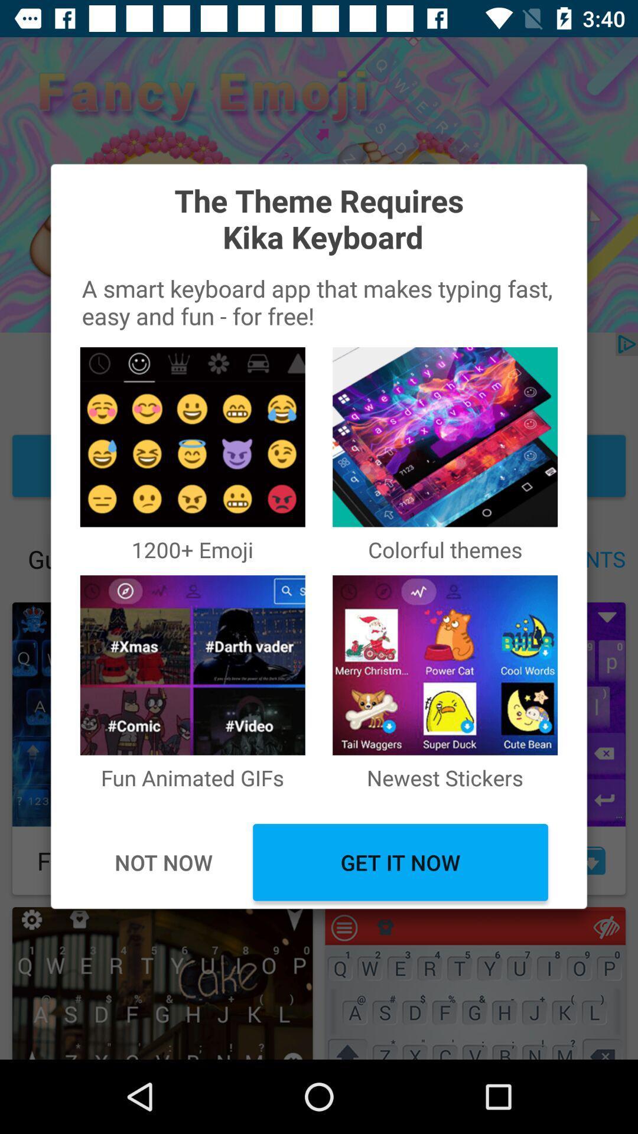 This screenshot has height=1134, width=638. Describe the element at coordinates (400, 862) in the screenshot. I see `item to the right of not now icon` at that location.